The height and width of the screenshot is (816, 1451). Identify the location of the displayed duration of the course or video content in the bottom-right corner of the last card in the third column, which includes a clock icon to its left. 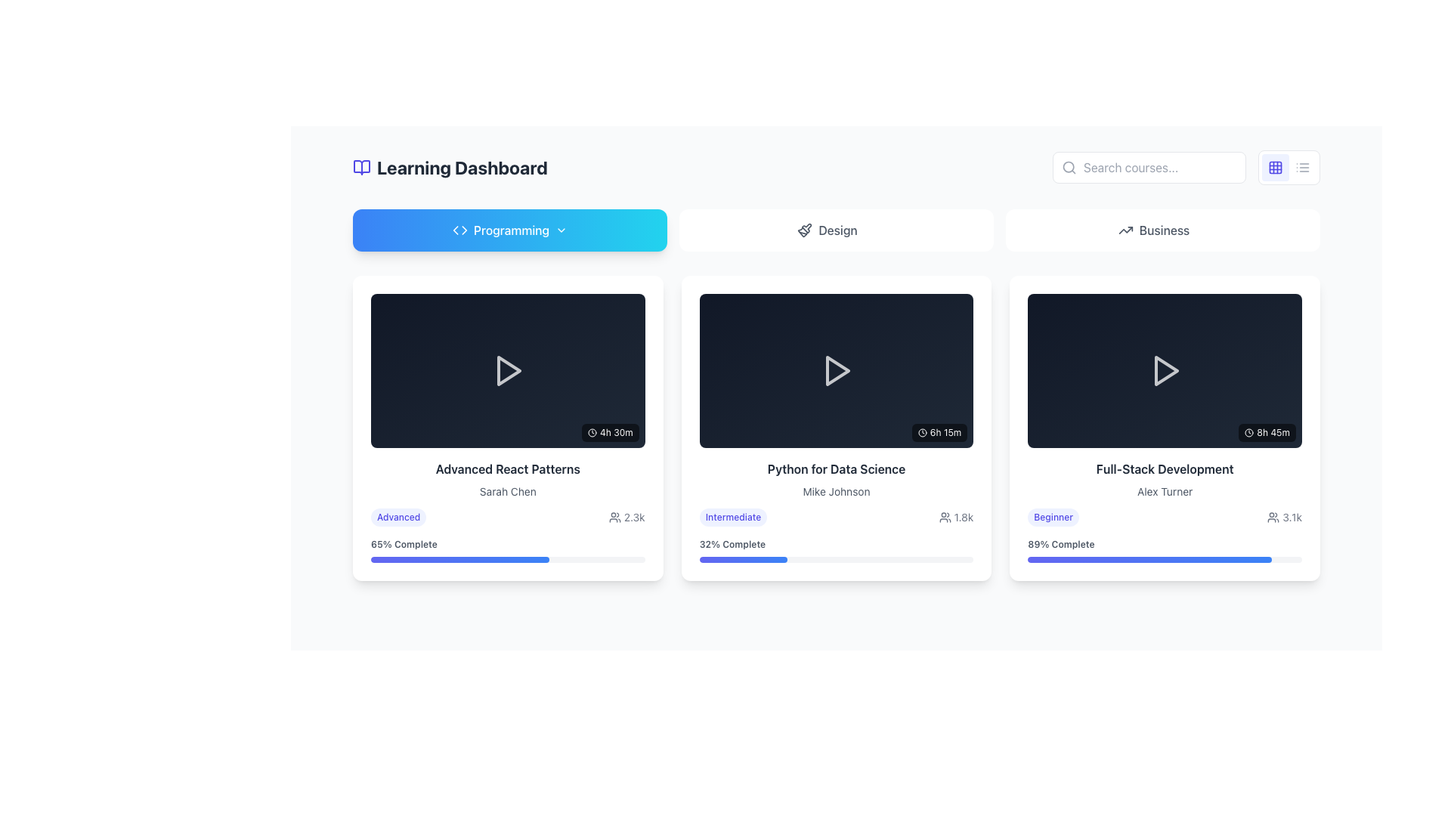
(1267, 432).